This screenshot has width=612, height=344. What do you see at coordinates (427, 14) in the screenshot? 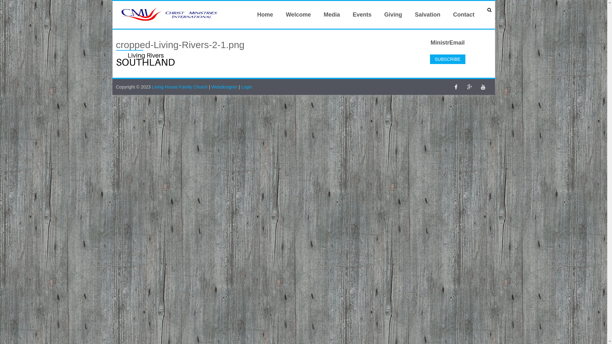
I see `'Salvation'` at bounding box center [427, 14].